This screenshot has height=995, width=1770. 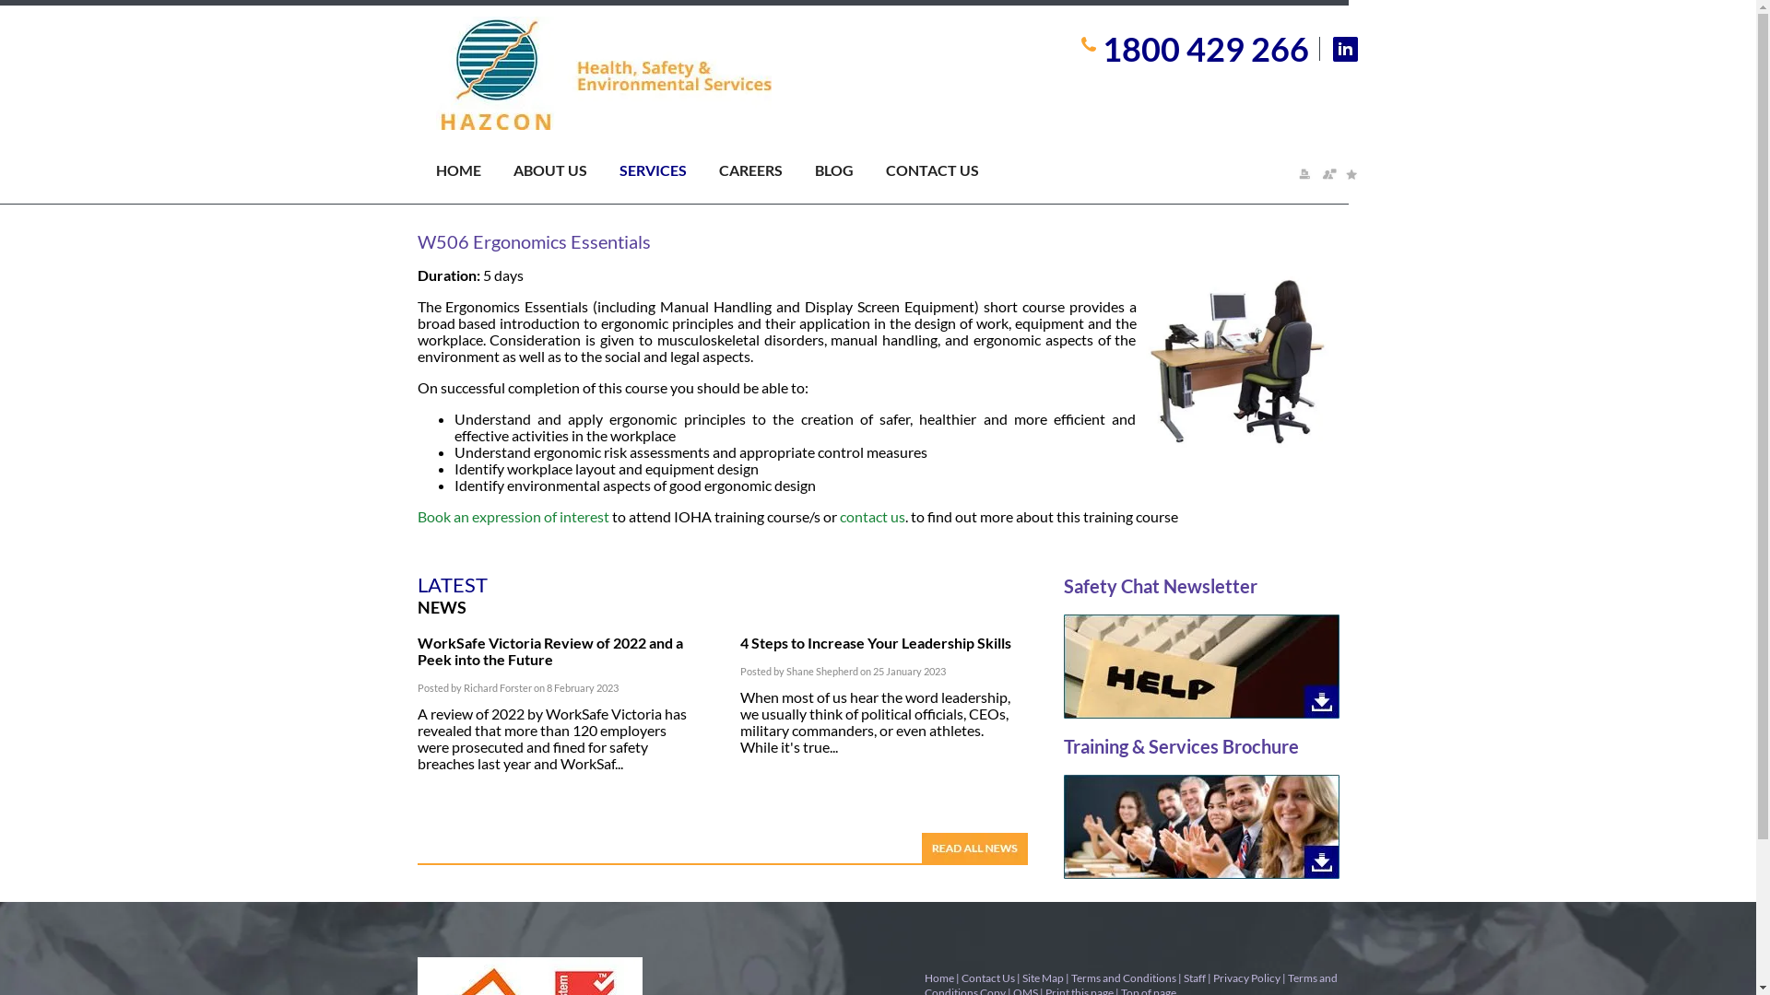 What do you see at coordinates (938, 977) in the screenshot?
I see `'Home'` at bounding box center [938, 977].